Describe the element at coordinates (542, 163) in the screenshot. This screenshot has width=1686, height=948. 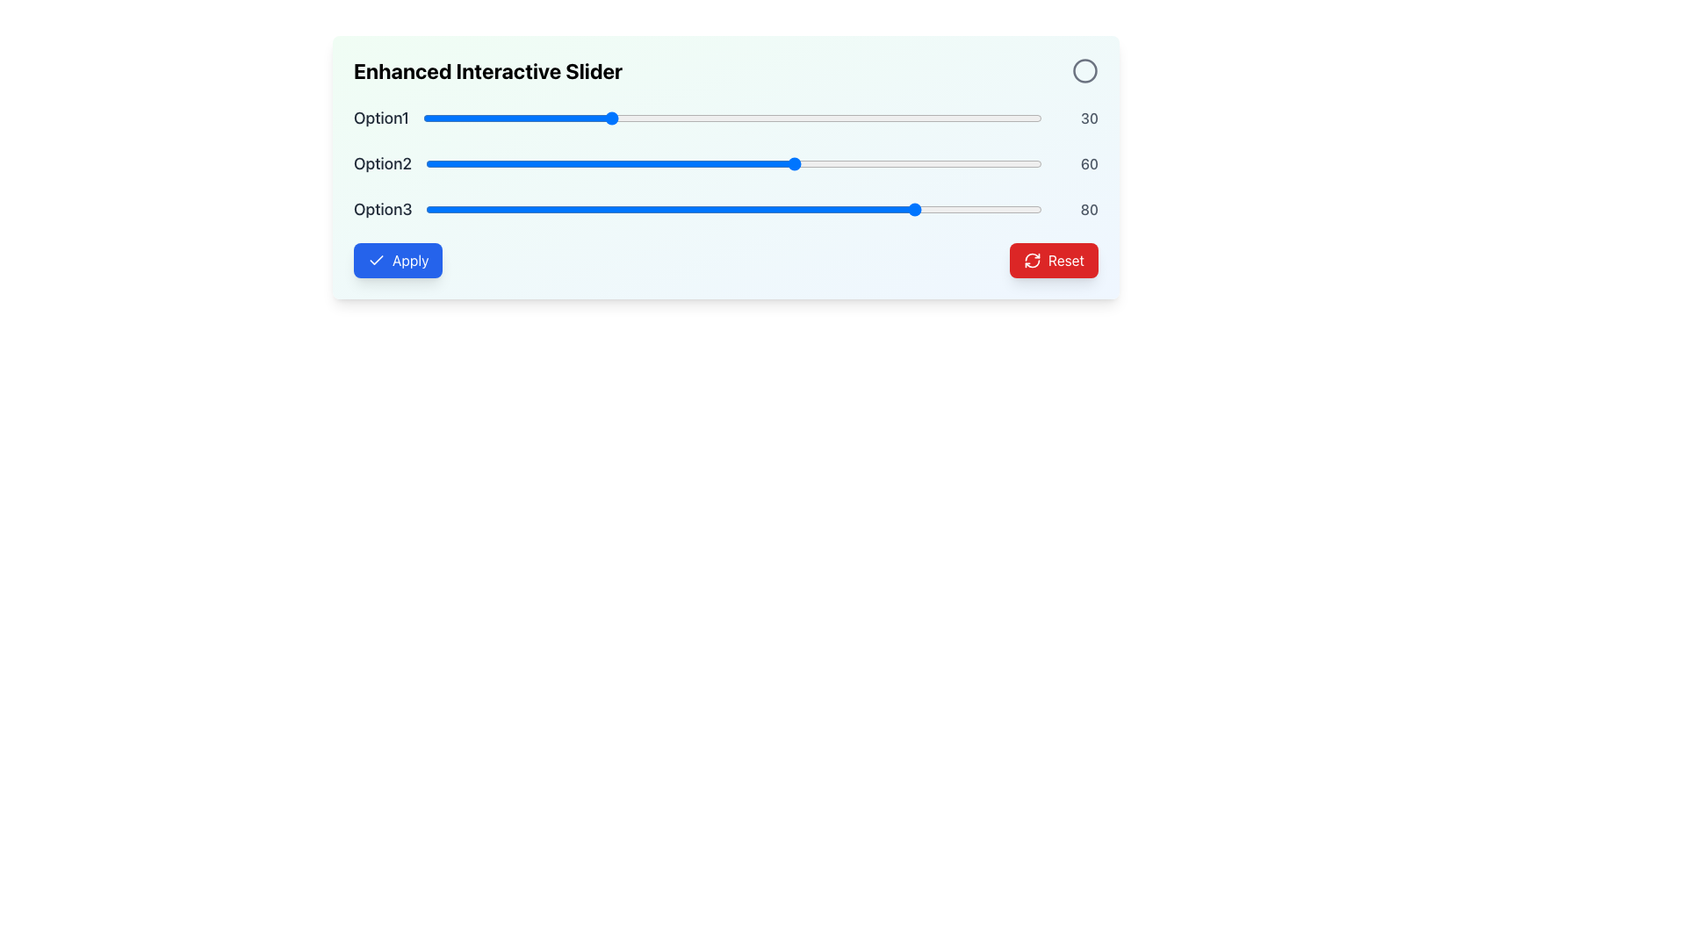
I see `the slider for 'Option2'` at that location.